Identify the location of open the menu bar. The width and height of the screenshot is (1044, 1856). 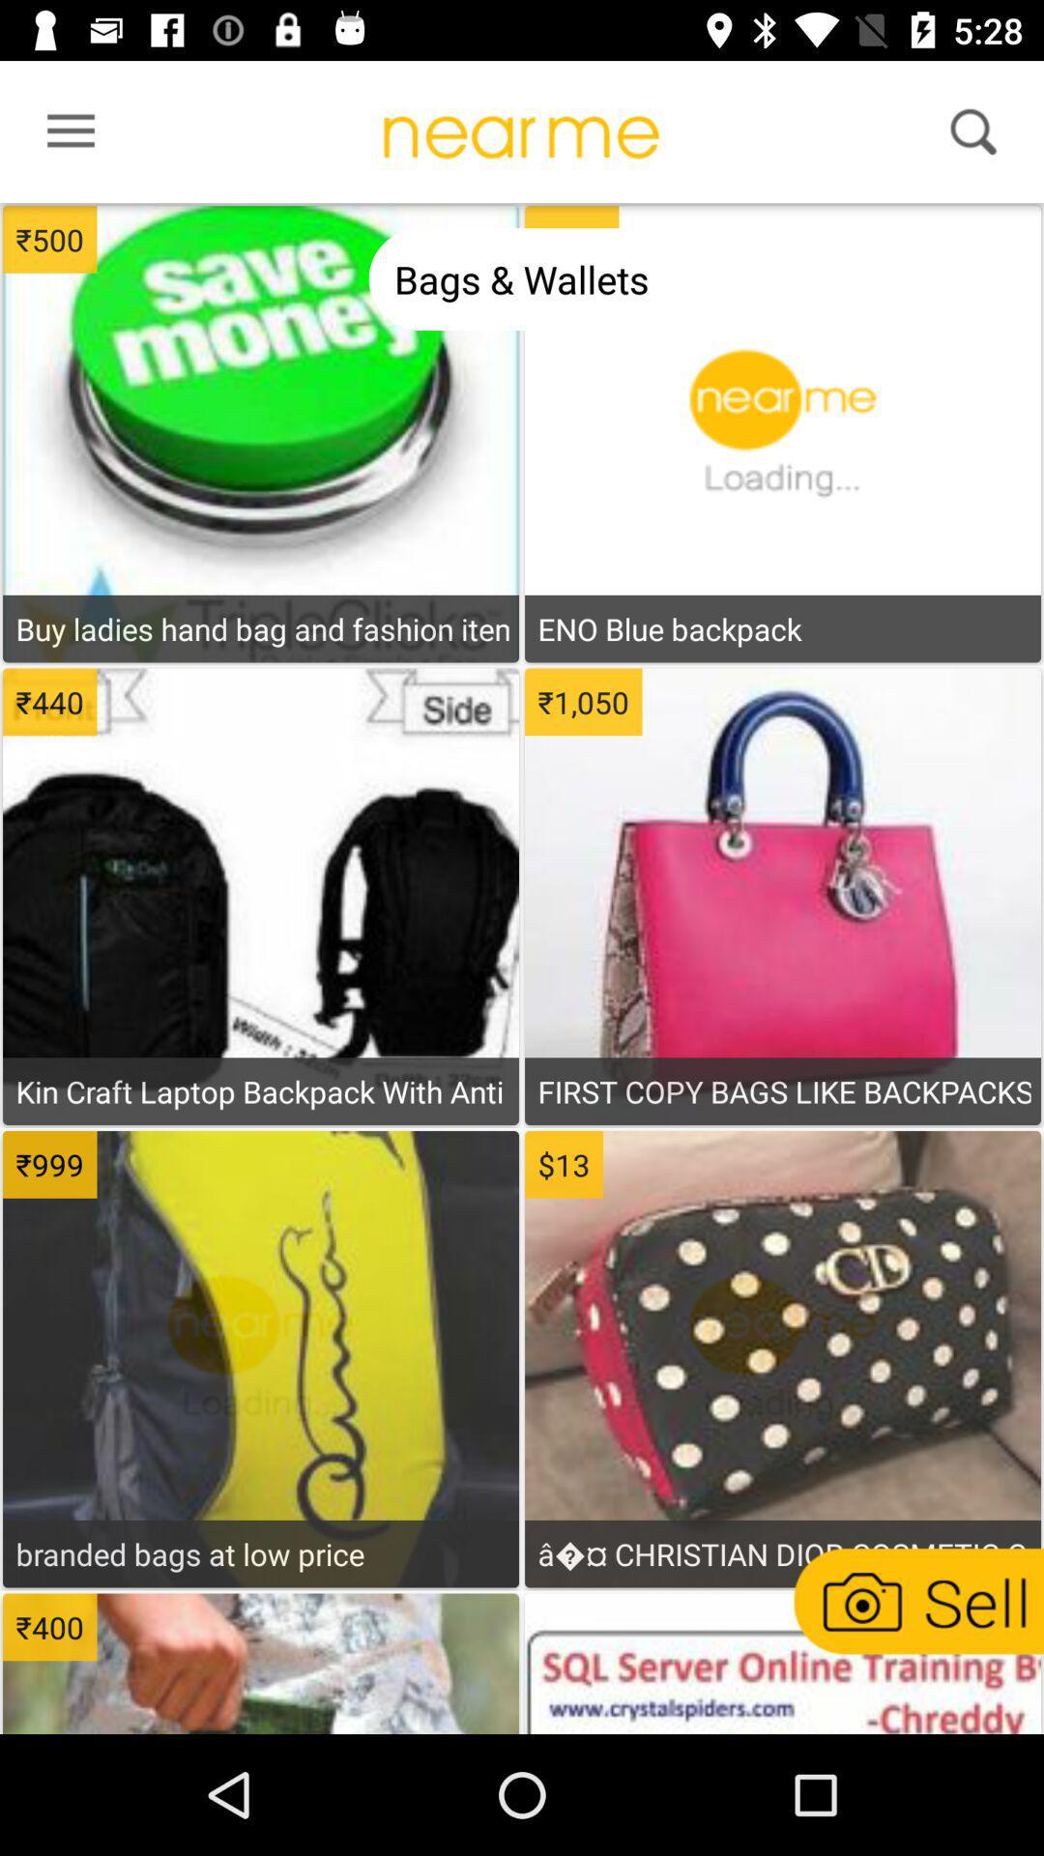
(64, 135).